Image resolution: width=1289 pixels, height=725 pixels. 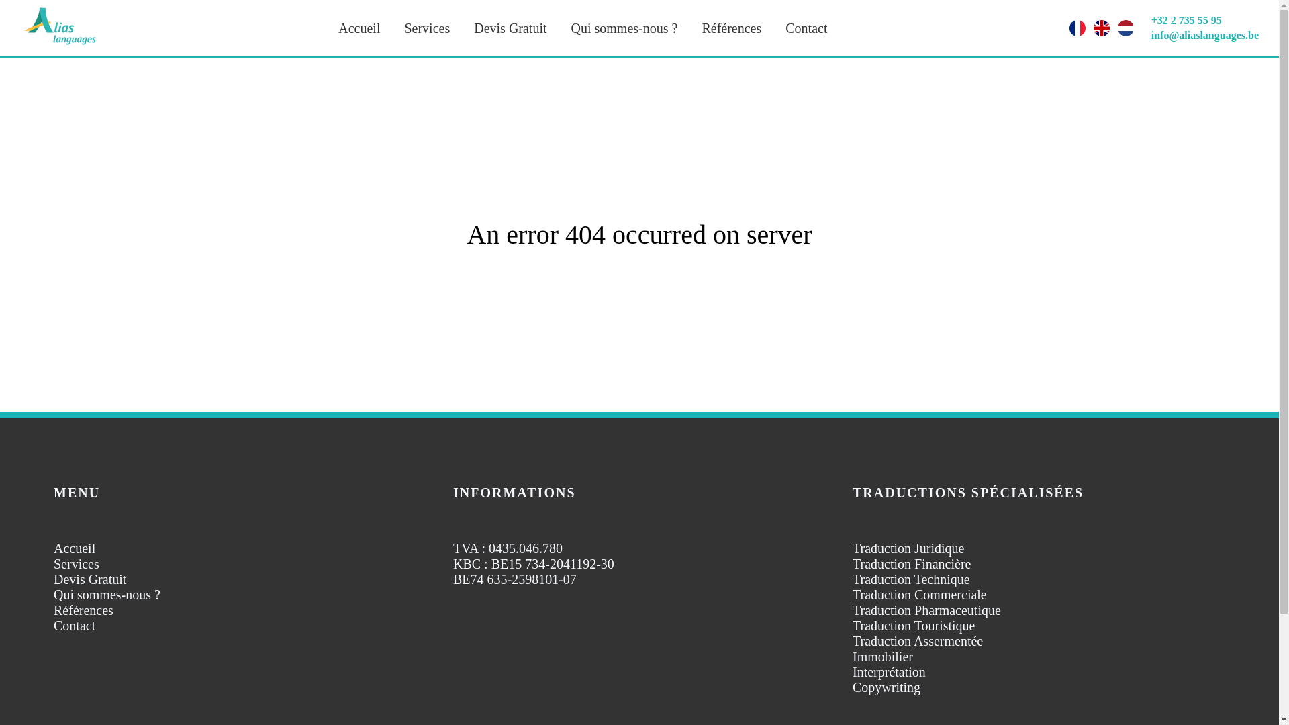 I want to click on 'Traduction Commerciale', so click(x=918, y=594).